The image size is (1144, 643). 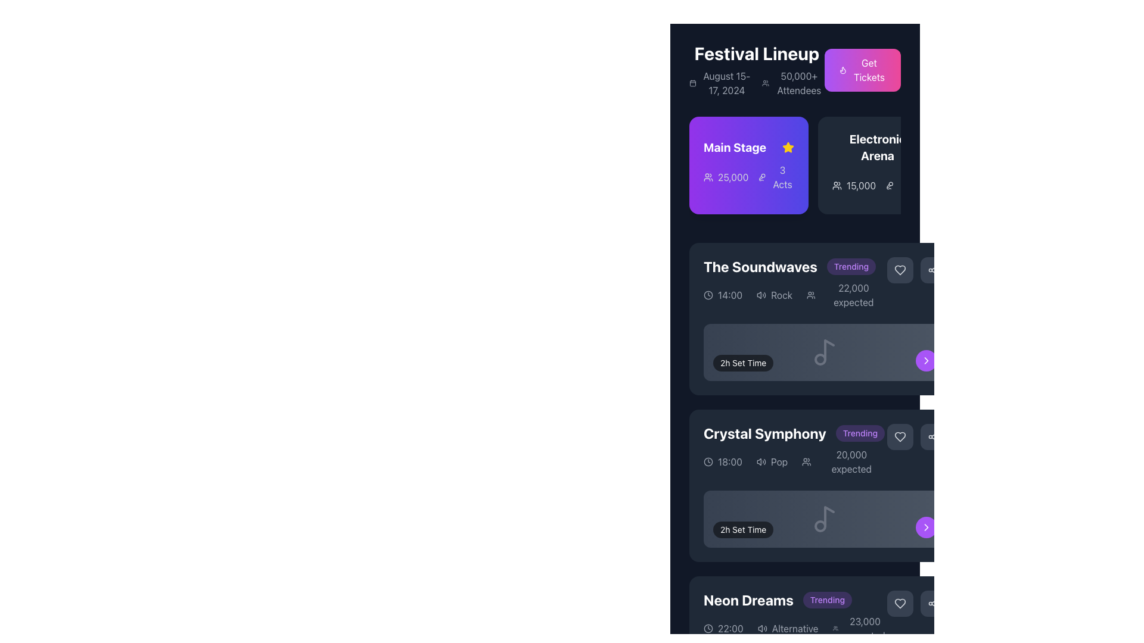 I want to click on the date display text label located beneath the 'Festival Lineup' title, which provides information about the event, so click(x=726, y=82).